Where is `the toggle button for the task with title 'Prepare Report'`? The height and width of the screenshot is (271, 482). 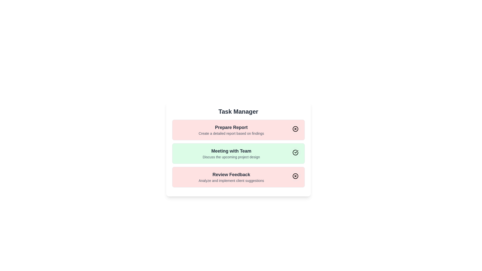
the toggle button for the task with title 'Prepare Report' is located at coordinates (295, 128).